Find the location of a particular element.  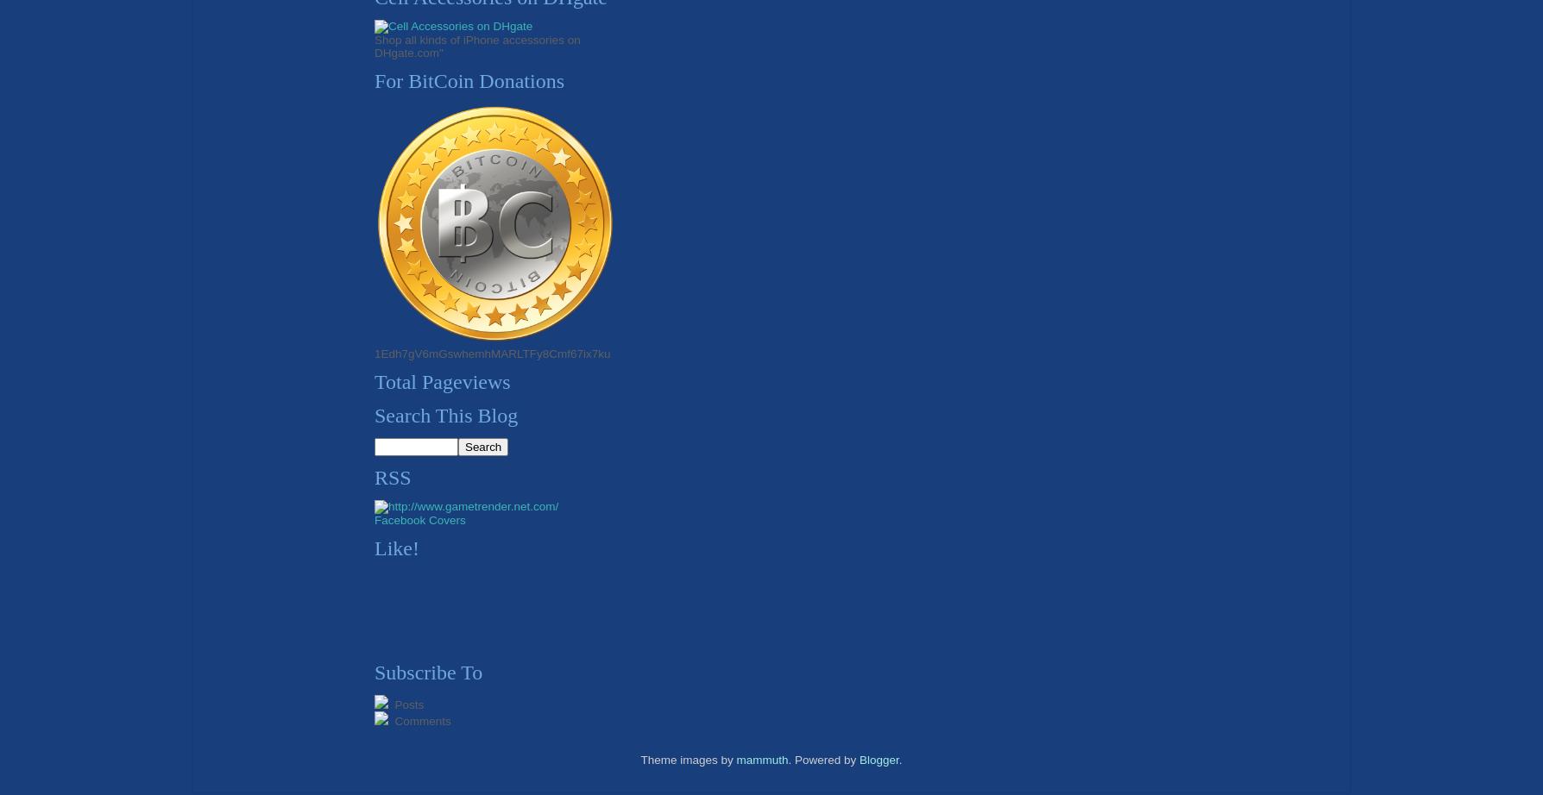

'Theme images by' is located at coordinates (687, 758).